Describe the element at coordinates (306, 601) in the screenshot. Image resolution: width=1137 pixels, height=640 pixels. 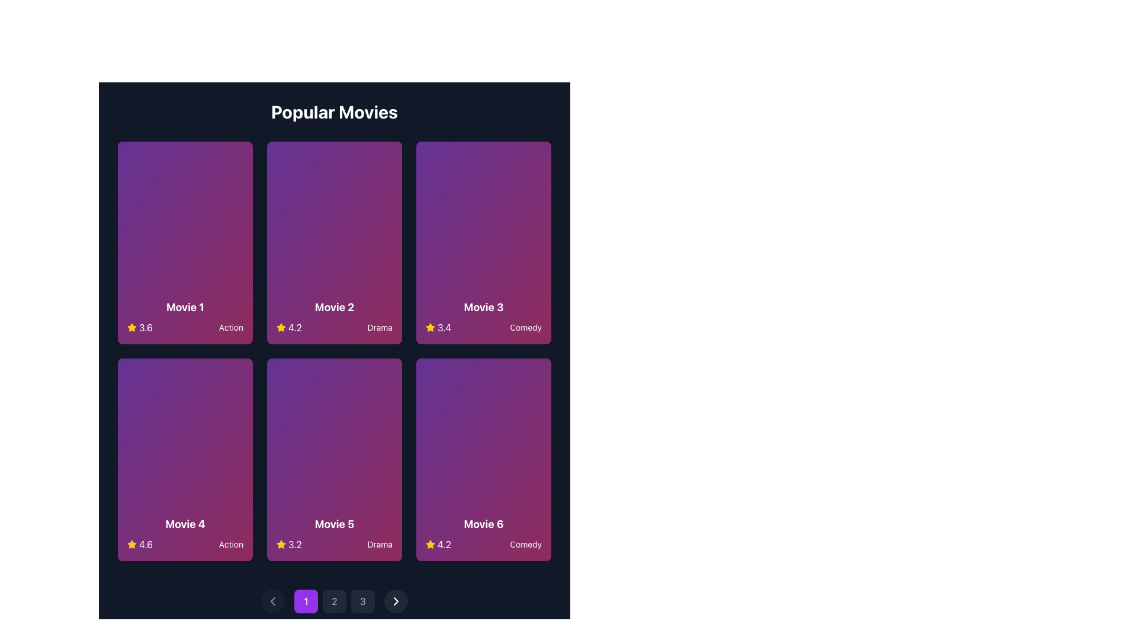
I see `the pagination button that navigates to the first page of the content view` at that location.